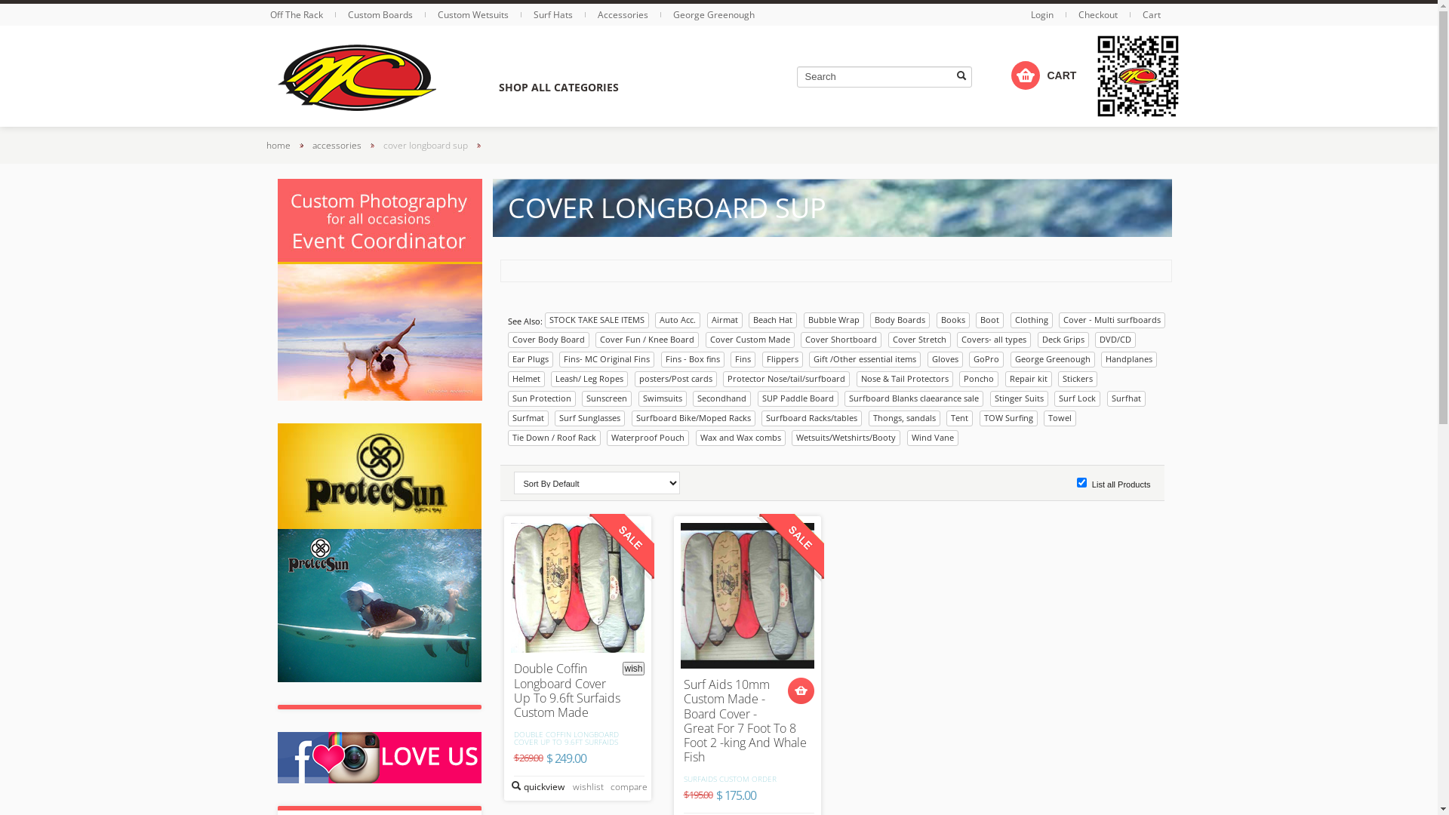 Image resolution: width=1449 pixels, height=815 pixels. I want to click on 'STOCK TAKE SALE ITEMS', so click(543, 319).